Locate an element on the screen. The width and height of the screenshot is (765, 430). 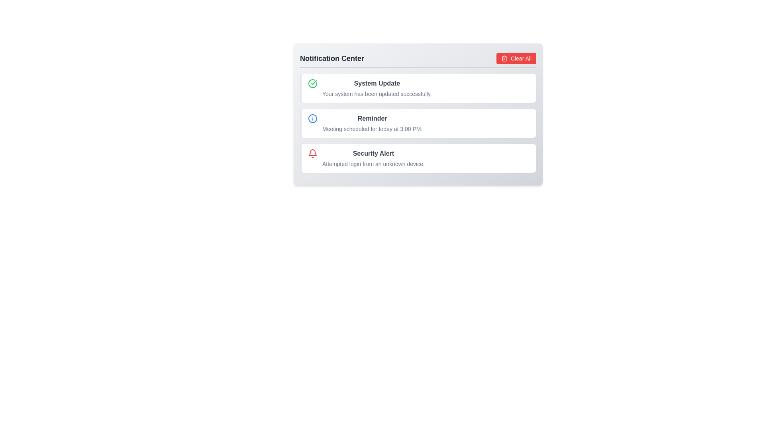
the green checkmark icon indicating success or confirmation within the 'System Update' notification card is located at coordinates (314, 82).